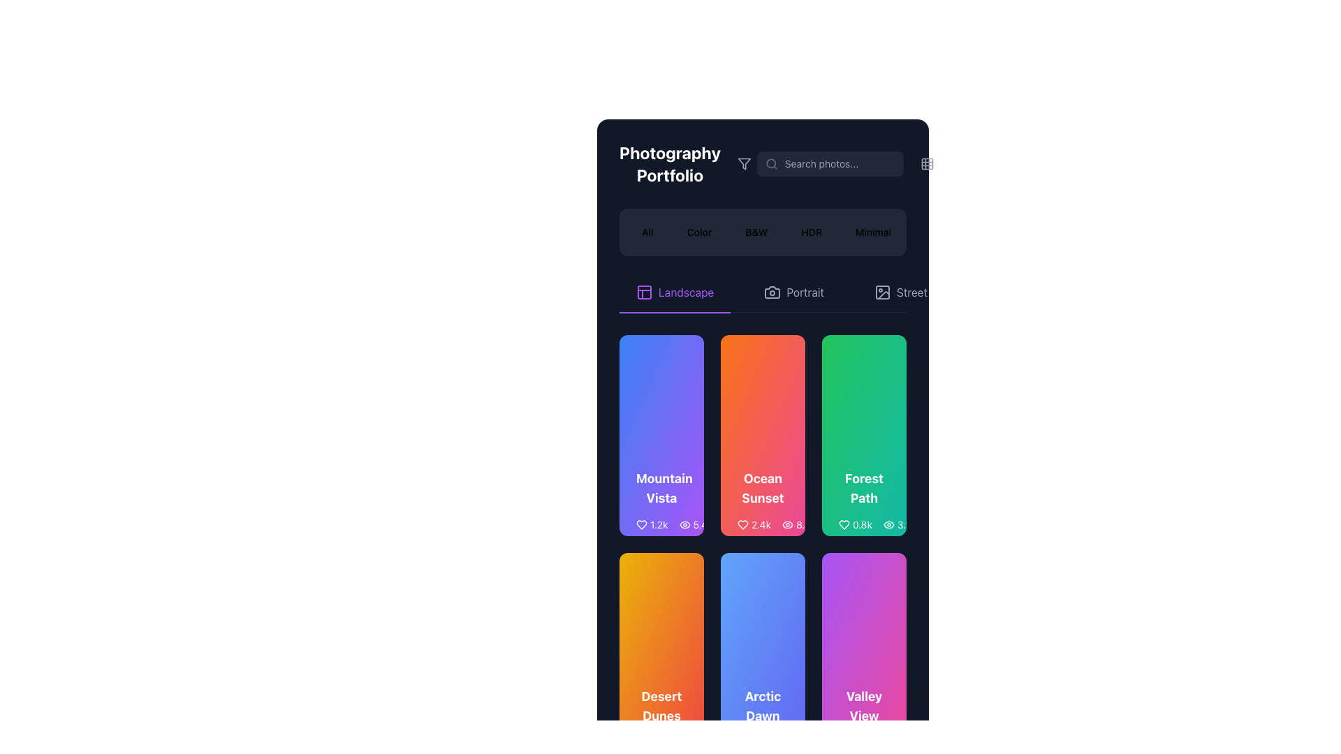  What do you see at coordinates (863, 503) in the screenshot?
I see `the Content card in the third column of the first row under the 'Landscape' category` at bounding box center [863, 503].